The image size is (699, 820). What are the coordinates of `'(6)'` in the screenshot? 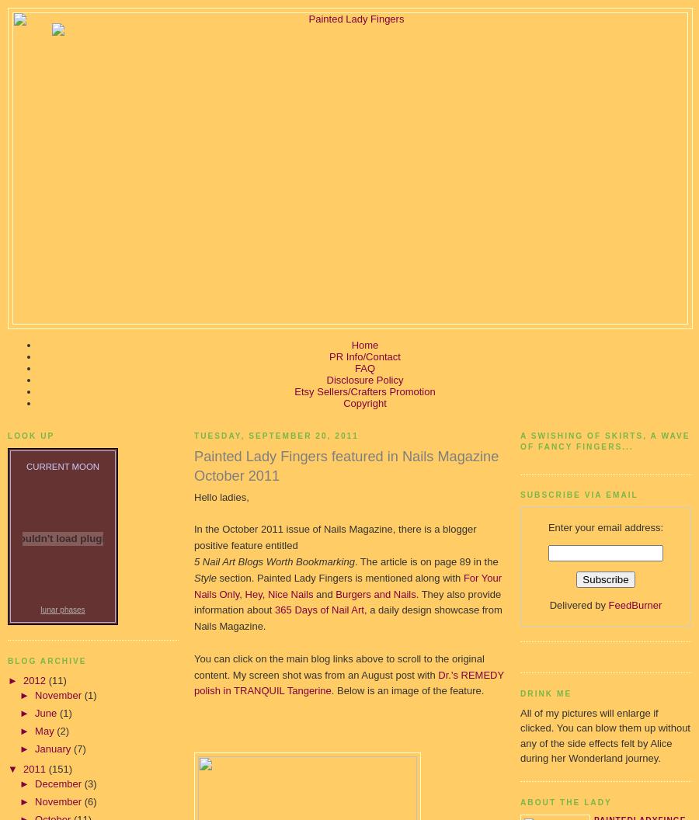 It's located at (83, 800).